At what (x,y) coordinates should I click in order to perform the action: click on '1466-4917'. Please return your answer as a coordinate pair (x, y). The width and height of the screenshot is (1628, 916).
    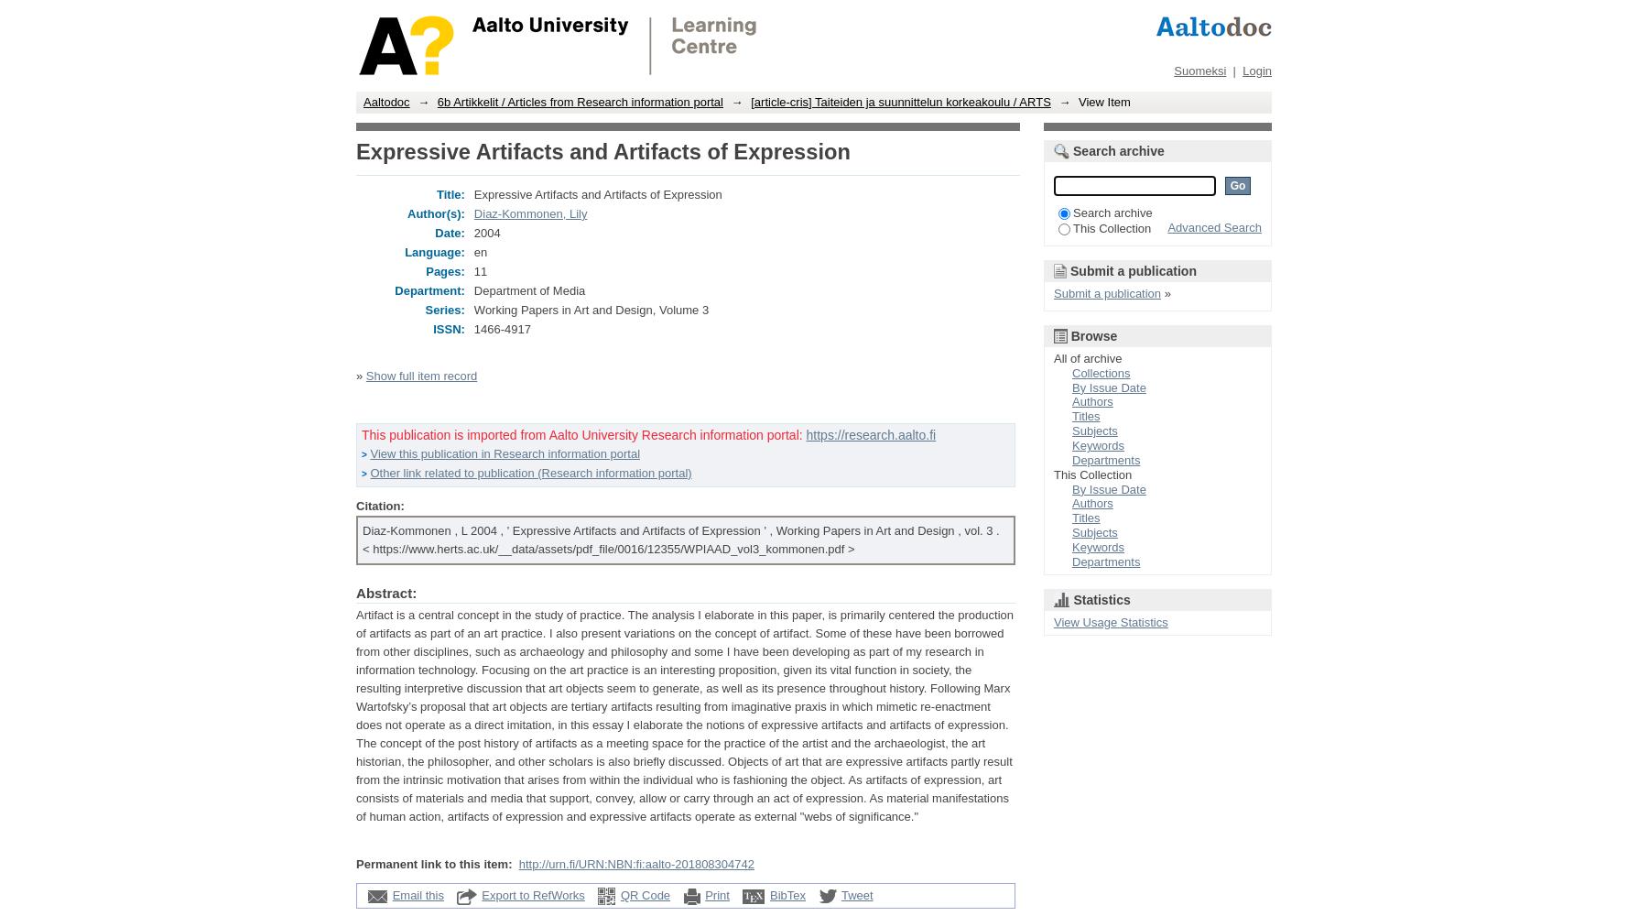
    Looking at the image, I should click on (502, 327).